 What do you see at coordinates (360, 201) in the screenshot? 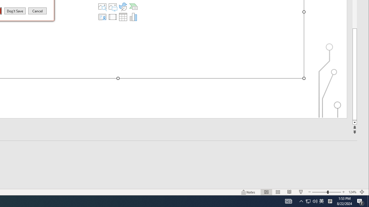
I see `'Action Center, 2 new notifications'` at bounding box center [360, 201].